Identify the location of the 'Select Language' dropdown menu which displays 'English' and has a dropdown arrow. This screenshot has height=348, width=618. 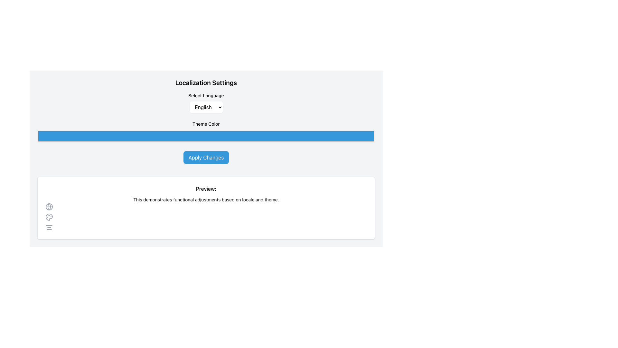
(206, 102).